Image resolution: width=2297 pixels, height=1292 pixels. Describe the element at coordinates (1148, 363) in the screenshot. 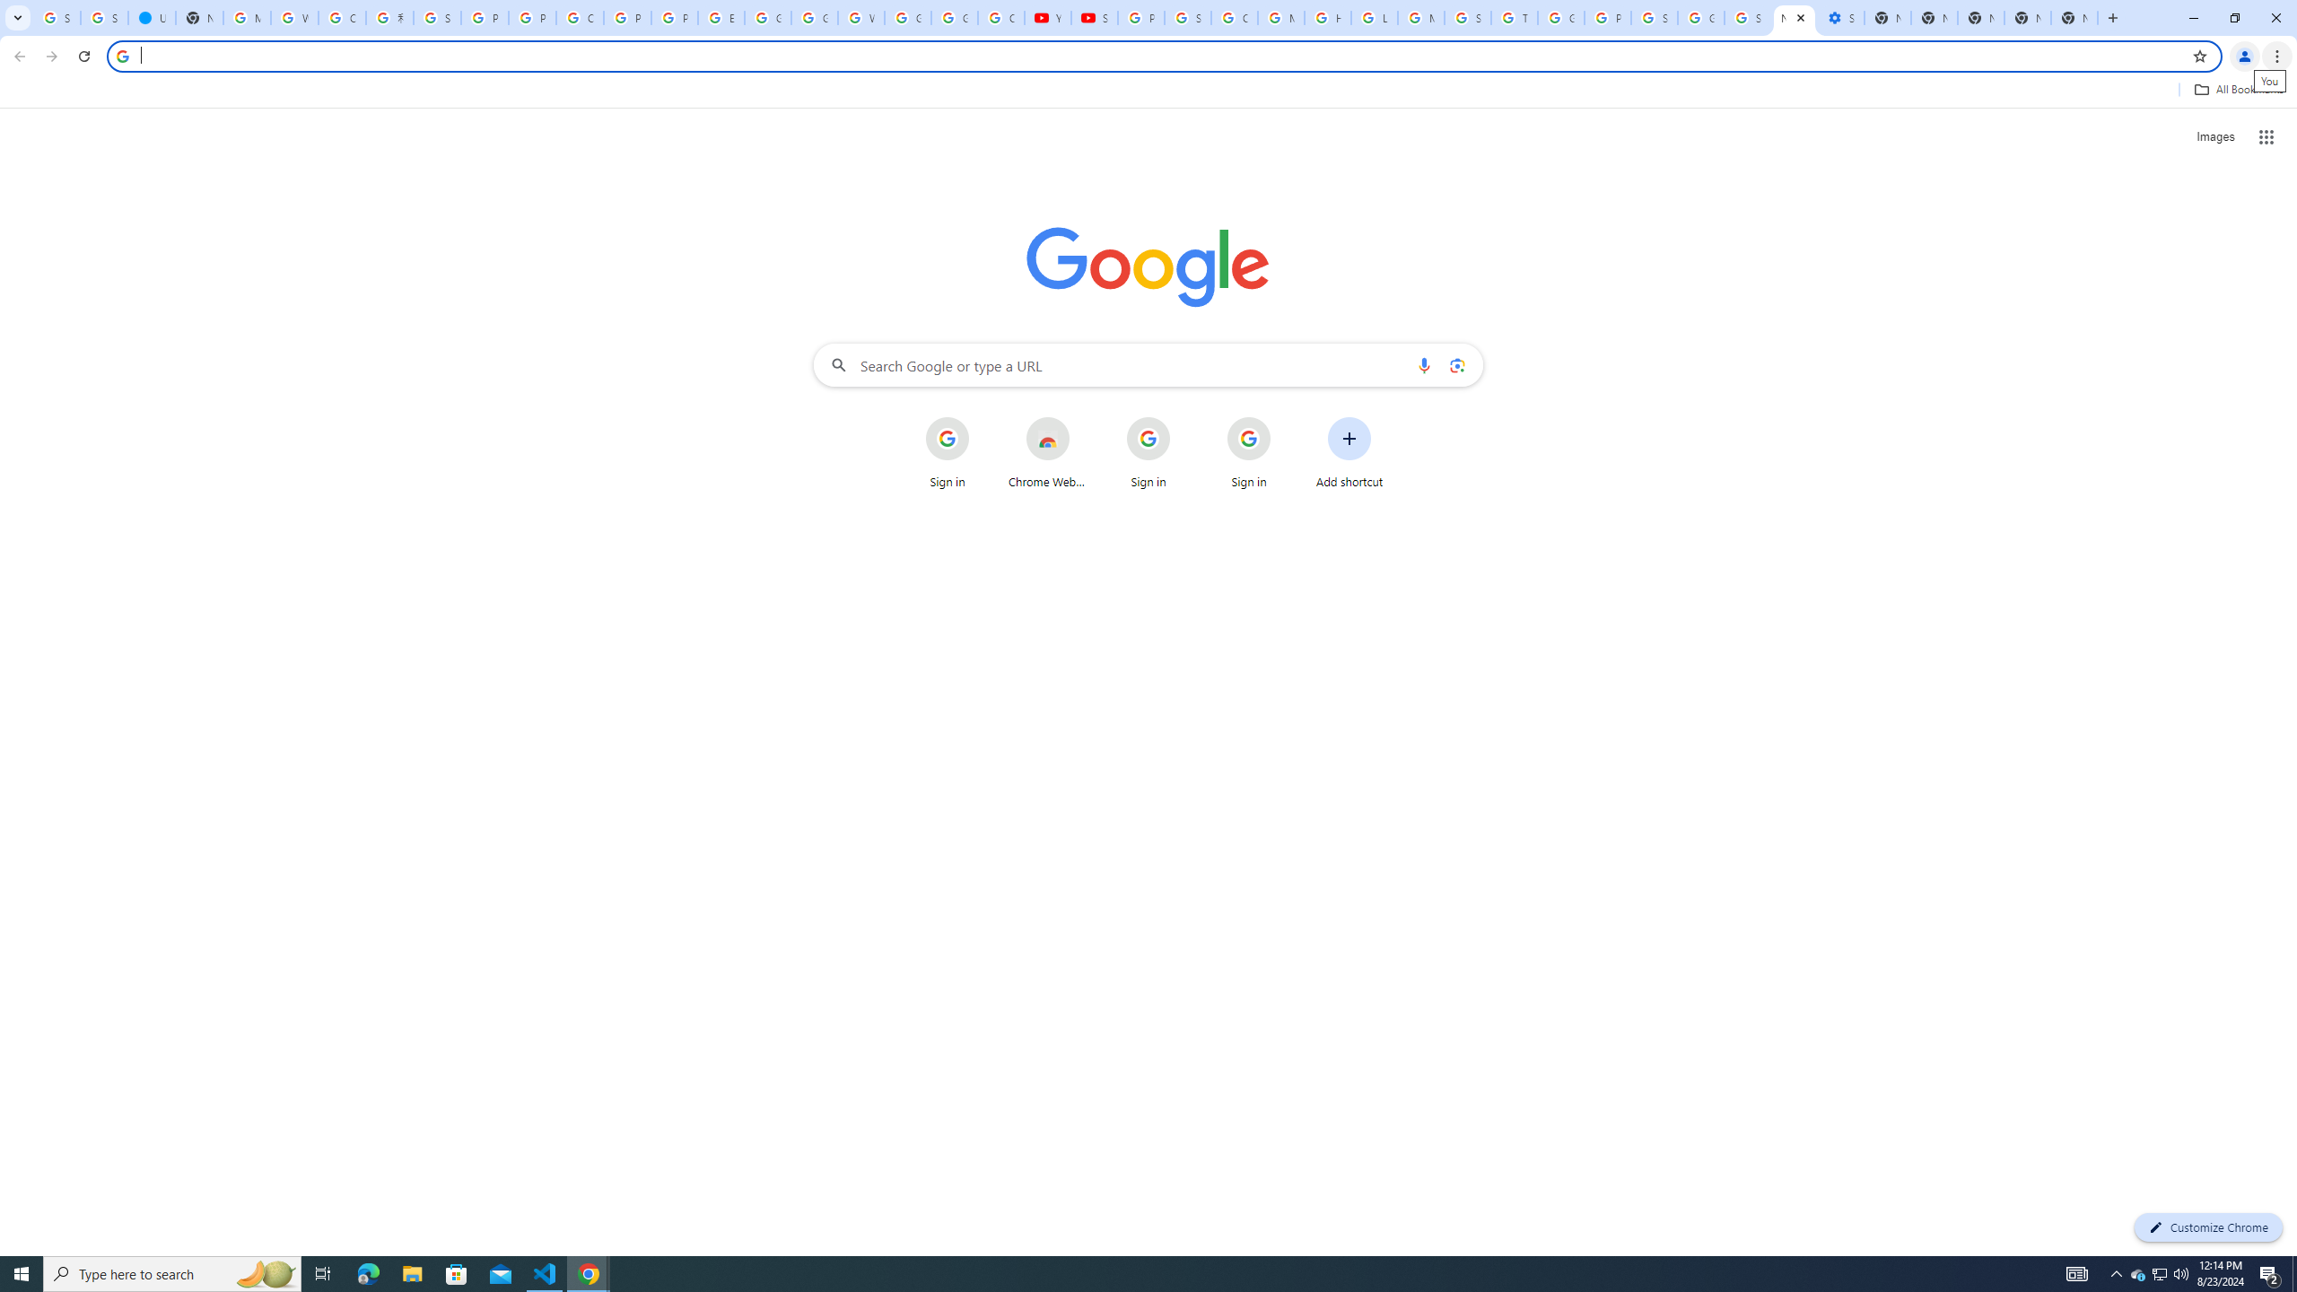

I see `'Search Google or type a URL'` at that location.